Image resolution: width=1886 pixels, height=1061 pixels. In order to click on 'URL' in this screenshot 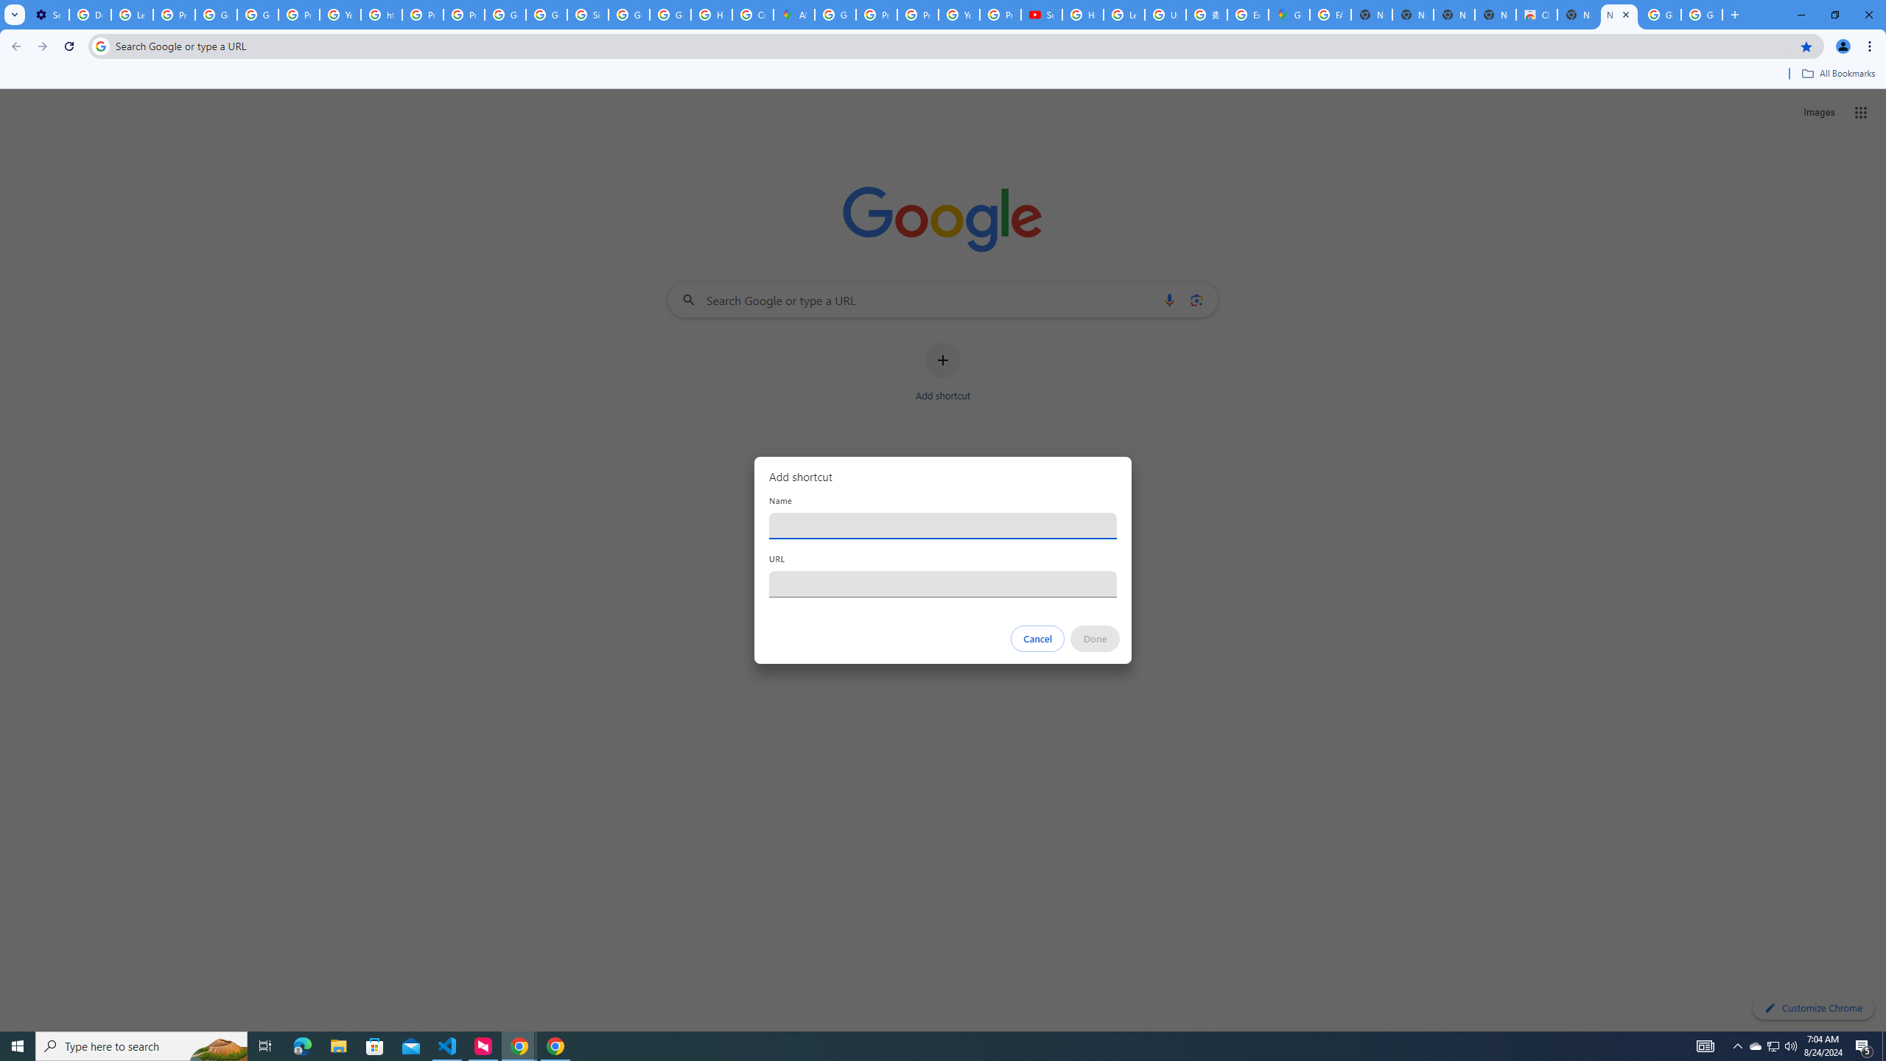, I will do `click(943, 584)`.